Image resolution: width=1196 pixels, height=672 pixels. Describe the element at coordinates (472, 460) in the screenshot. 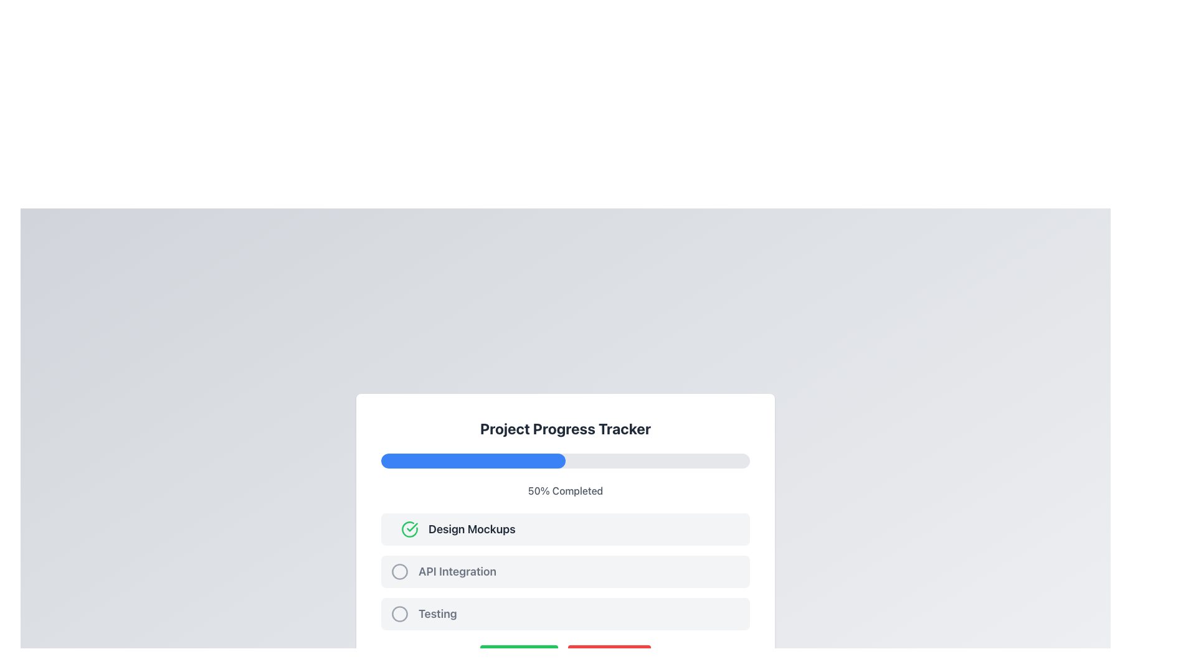

I see `the blue progress bar segment, which represents 50% of the task completion, located under 'Project Progress Tracker' and above '50% Completed'` at that location.